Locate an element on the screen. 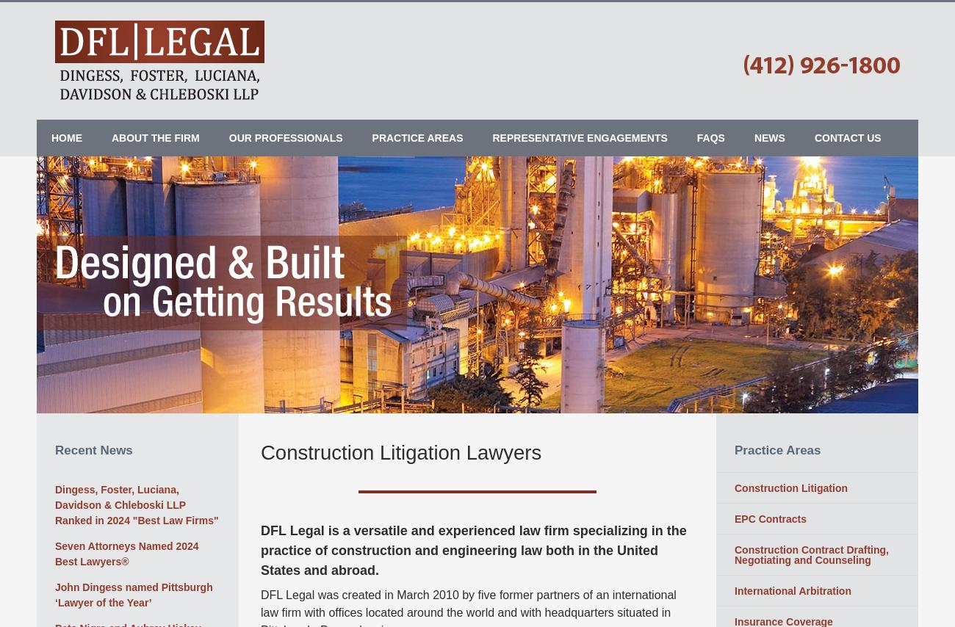 Image resolution: width=955 pixels, height=627 pixels. 'Seven Attorneys Named 2024 Best Lawyers®' is located at coordinates (126, 553).